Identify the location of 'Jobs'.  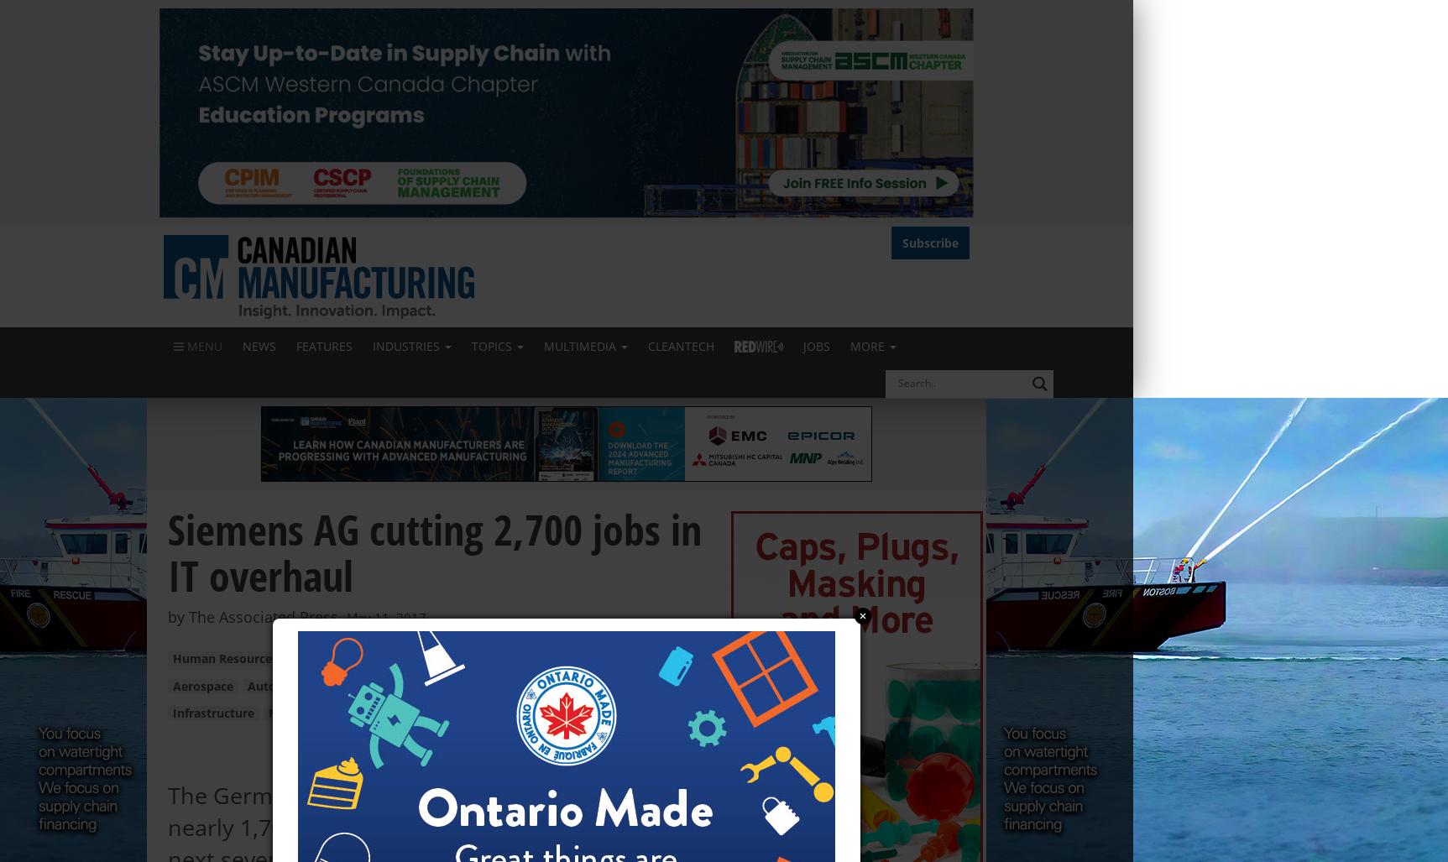
(803, 344).